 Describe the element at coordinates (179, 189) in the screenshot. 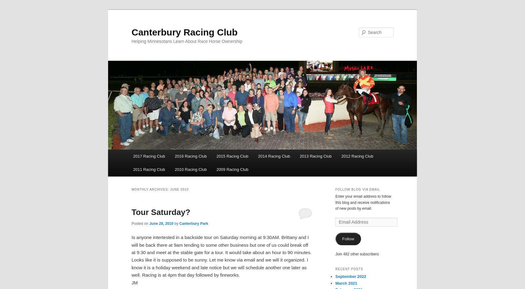

I see `'June 2010'` at that location.